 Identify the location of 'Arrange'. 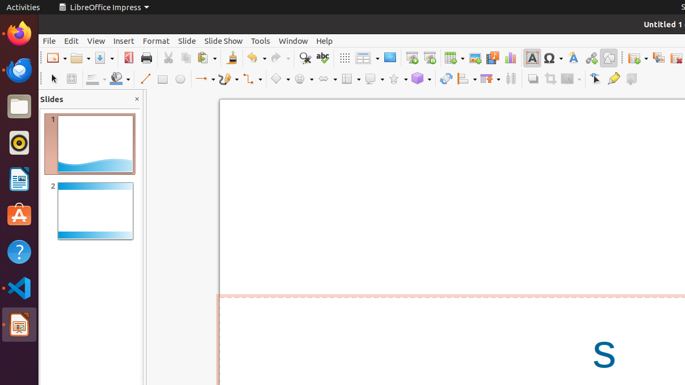
(489, 78).